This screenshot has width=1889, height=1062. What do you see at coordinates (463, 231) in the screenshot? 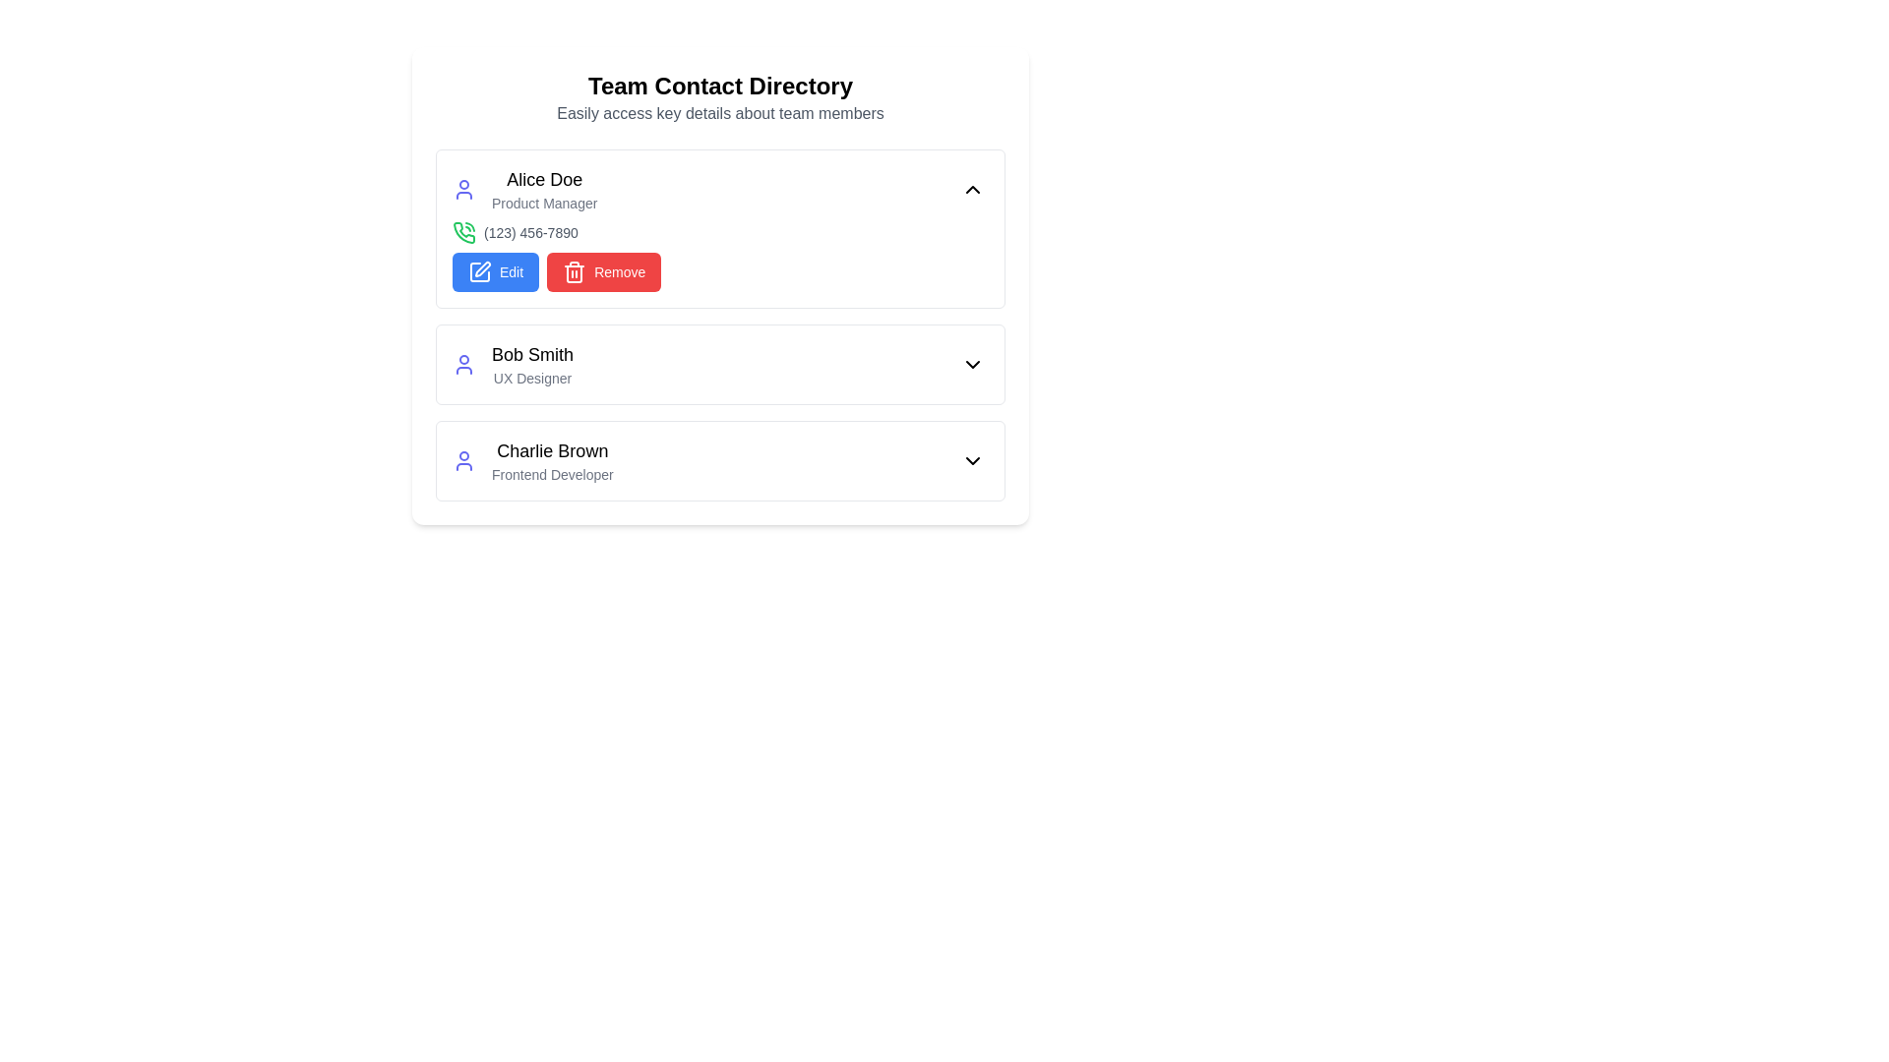
I see `the phone icon associated with the contact information for 'Alice Doe' in the 'Team Contact Directory', which is located to the left of the phone number '(123) 456-7890'` at bounding box center [463, 231].